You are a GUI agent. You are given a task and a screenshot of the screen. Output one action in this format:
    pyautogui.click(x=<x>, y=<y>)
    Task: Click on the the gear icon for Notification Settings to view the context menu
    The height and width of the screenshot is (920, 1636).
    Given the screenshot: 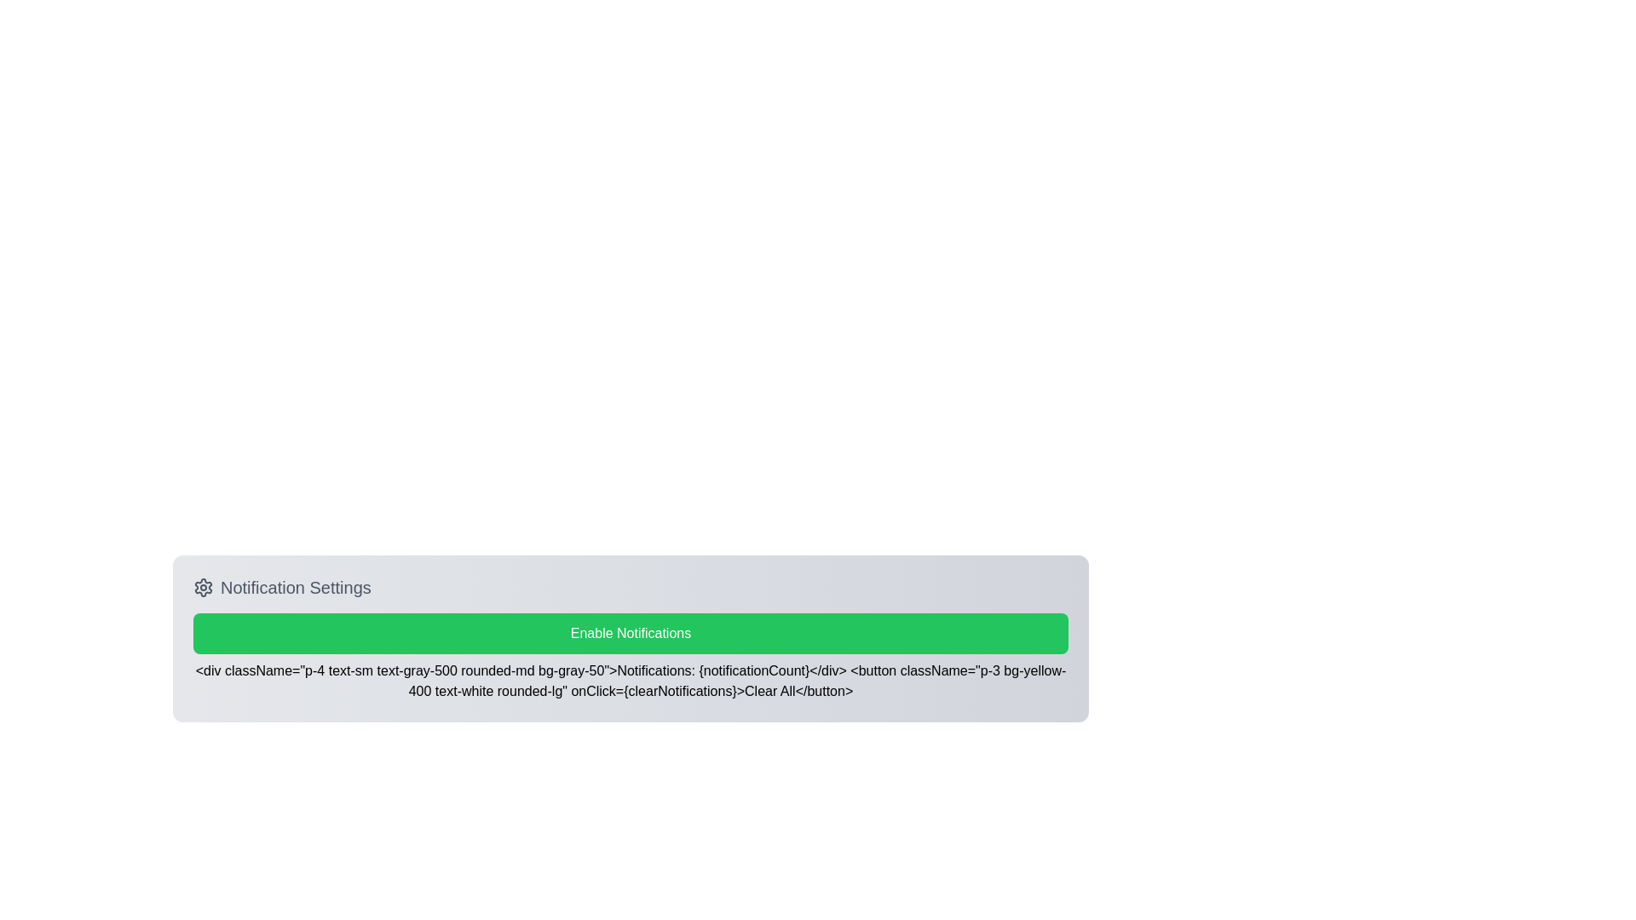 What is the action you would take?
    pyautogui.click(x=204, y=587)
    